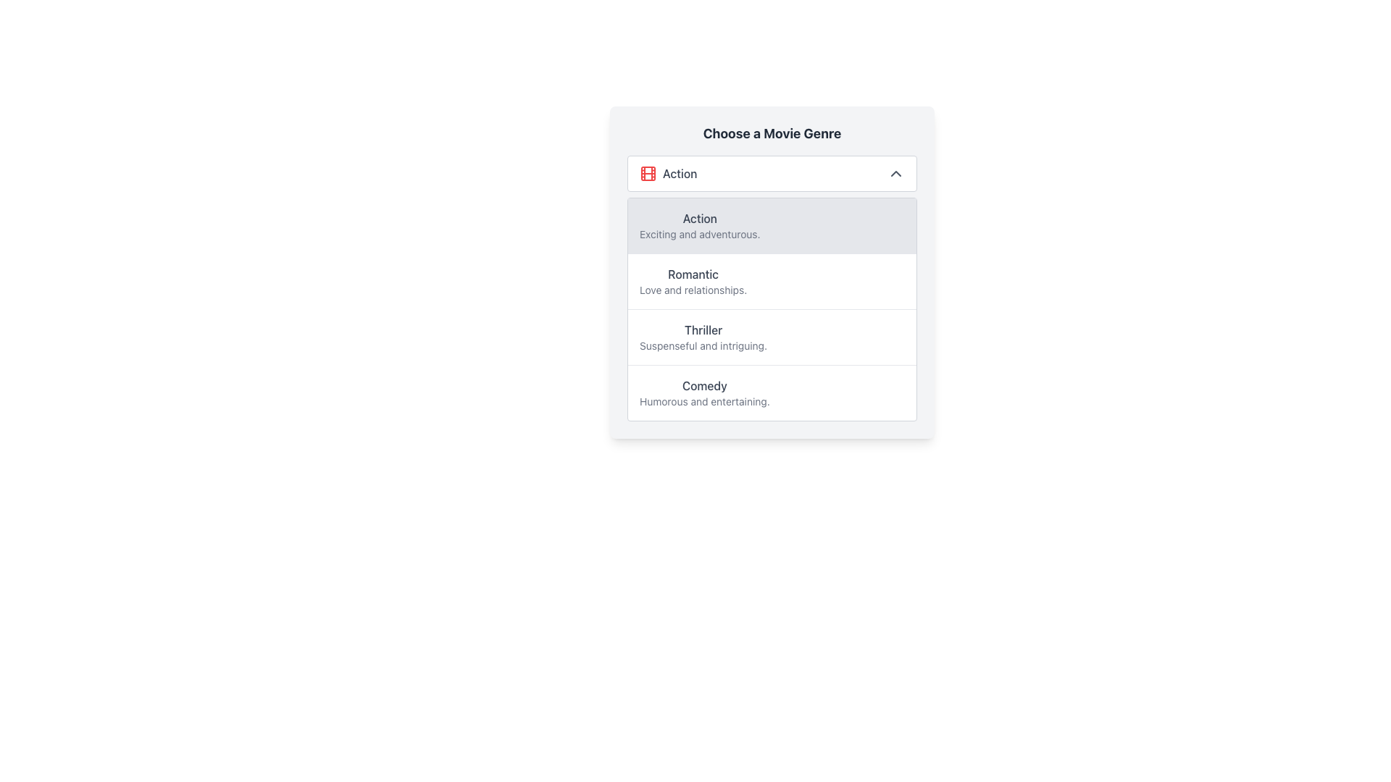  Describe the element at coordinates (700, 234) in the screenshot. I see `the descriptive subtitle Text Label located under the 'Action' heading` at that location.